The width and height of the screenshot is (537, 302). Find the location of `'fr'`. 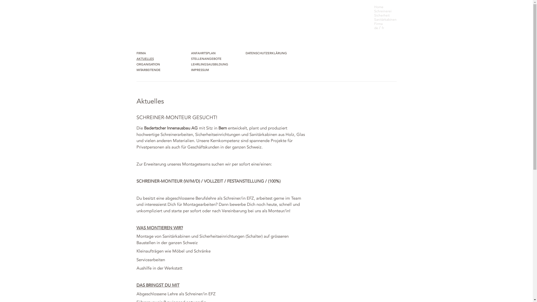

'fr' is located at coordinates (381, 28).